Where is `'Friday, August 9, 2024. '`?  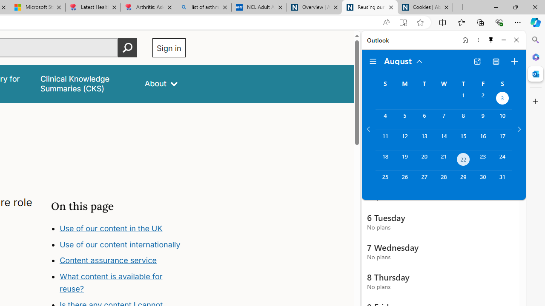 'Friday, August 9, 2024. ' is located at coordinates (483, 119).